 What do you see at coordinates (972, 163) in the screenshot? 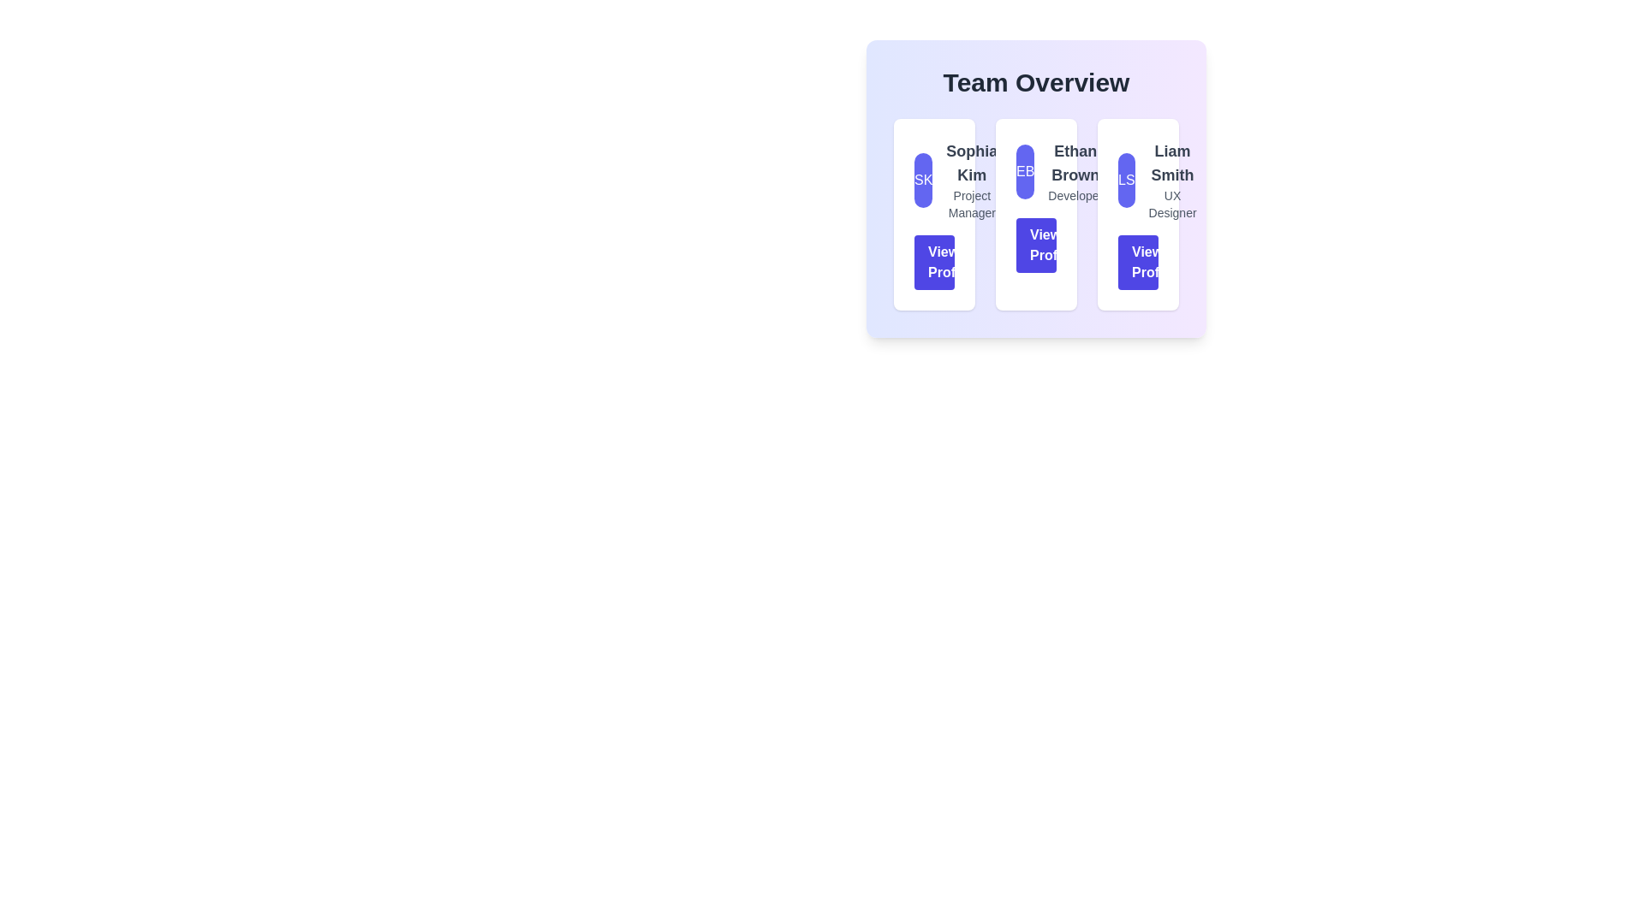
I see `the text label displaying the name 'Sophia Kim' in bold, large, gray font` at bounding box center [972, 163].